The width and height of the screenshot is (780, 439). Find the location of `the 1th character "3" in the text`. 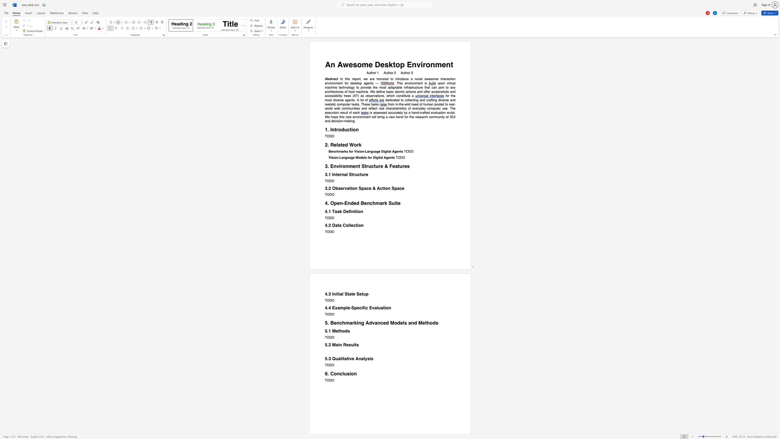

the 1th character "3" in the text is located at coordinates (329, 358).